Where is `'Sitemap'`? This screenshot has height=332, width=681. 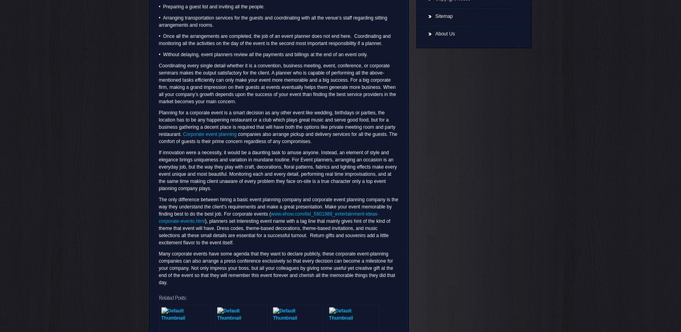 'Sitemap' is located at coordinates (444, 16).